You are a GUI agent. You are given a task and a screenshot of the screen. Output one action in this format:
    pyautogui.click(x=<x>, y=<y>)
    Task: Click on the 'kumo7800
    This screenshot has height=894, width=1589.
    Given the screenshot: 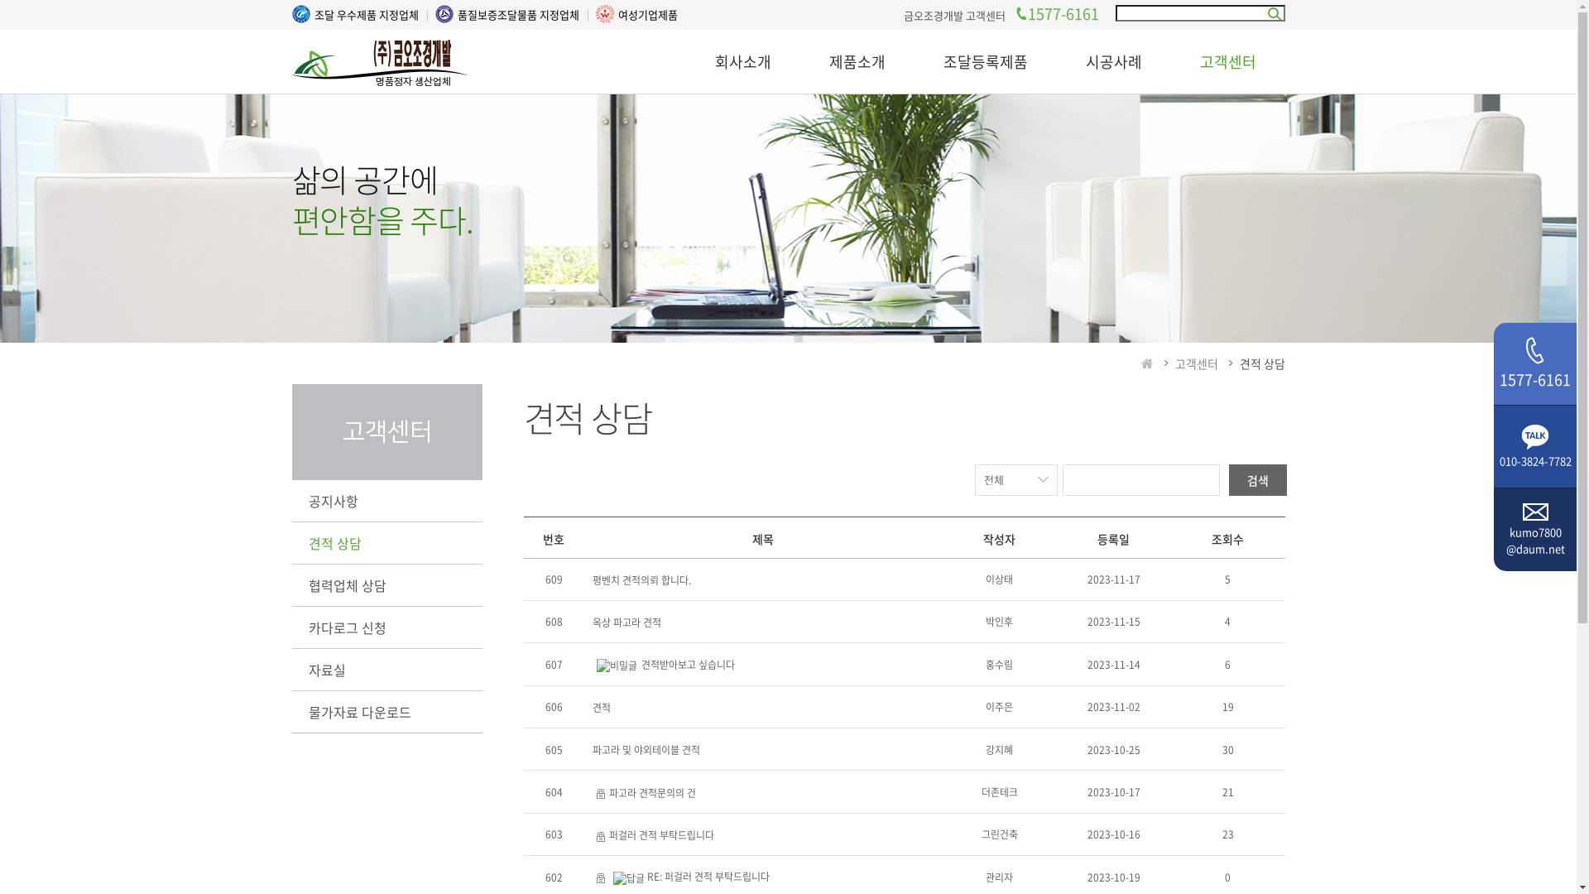 What is the action you would take?
    pyautogui.click(x=1534, y=540)
    